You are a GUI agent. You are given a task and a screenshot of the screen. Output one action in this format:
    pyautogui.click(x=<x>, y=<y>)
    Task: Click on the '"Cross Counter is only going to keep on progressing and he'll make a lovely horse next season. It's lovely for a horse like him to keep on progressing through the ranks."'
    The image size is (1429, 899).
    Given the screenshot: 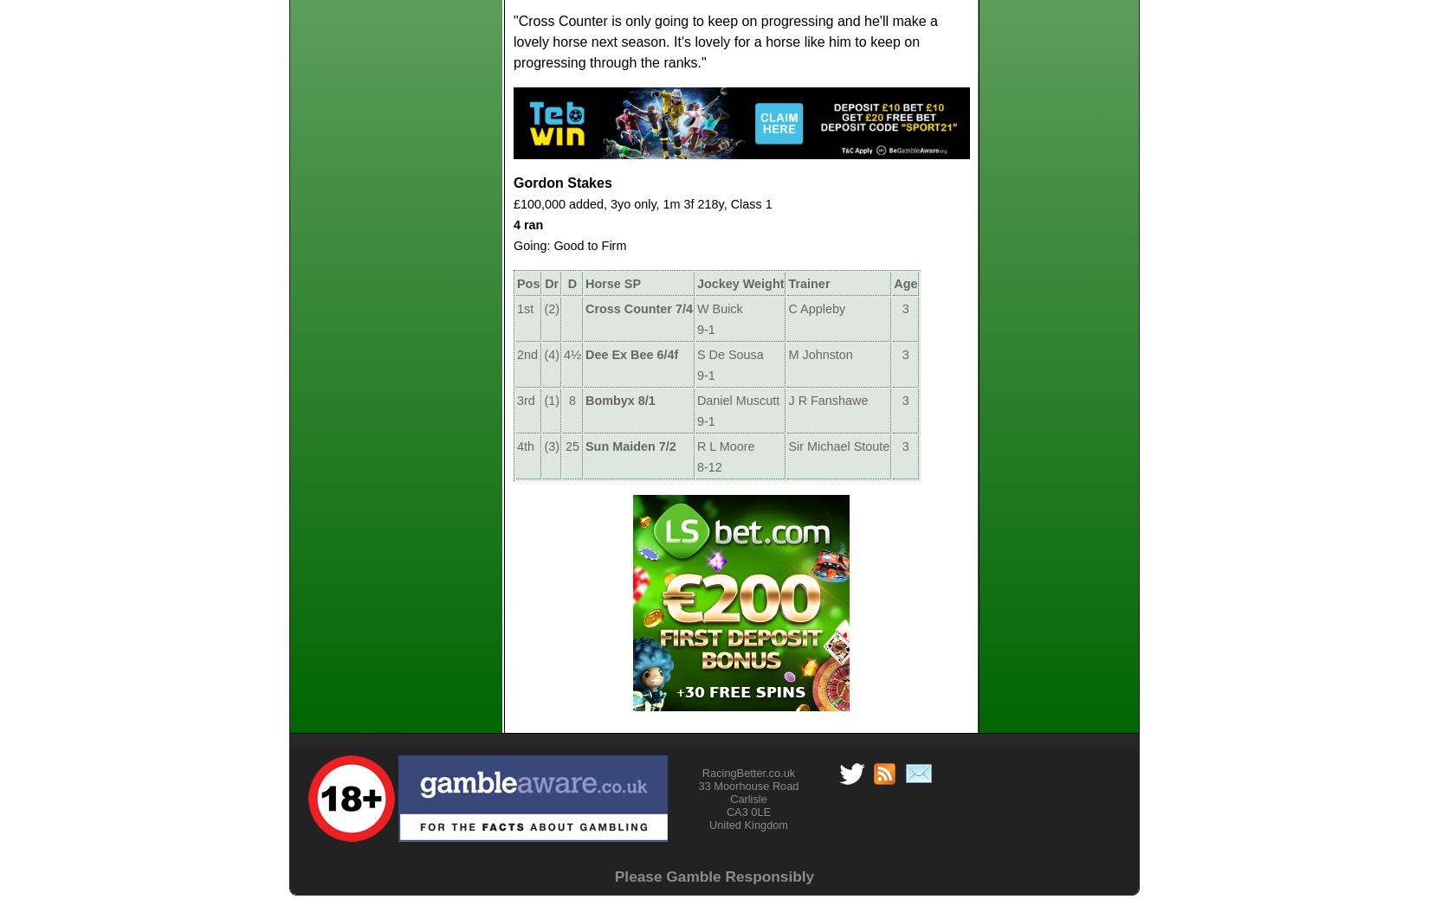 What is the action you would take?
    pyautogui.click(x=725, y=41)
    